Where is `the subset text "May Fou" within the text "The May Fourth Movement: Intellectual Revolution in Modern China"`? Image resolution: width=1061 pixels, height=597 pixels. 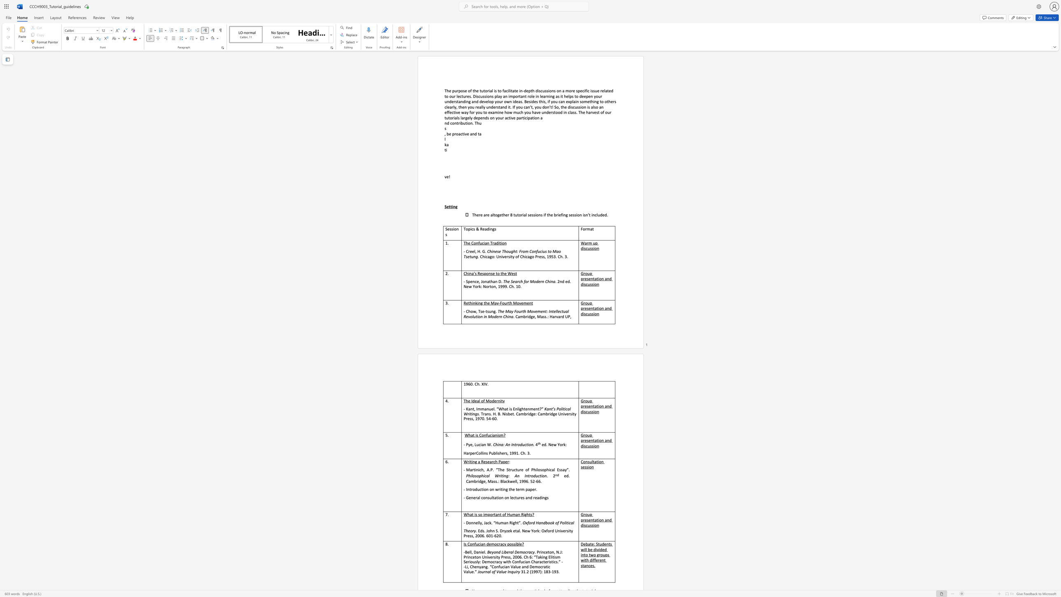
the subset text "May Fou" within the text "The May Fourth Movement: Intellectual Revolution in Modern China" is located at coordinates (505, 311).